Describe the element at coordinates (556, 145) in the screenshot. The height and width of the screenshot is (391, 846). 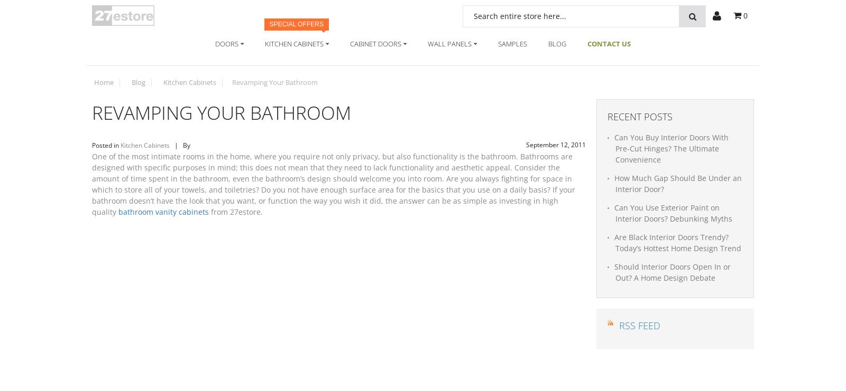
I see `'September 12, 2011'` at that location.